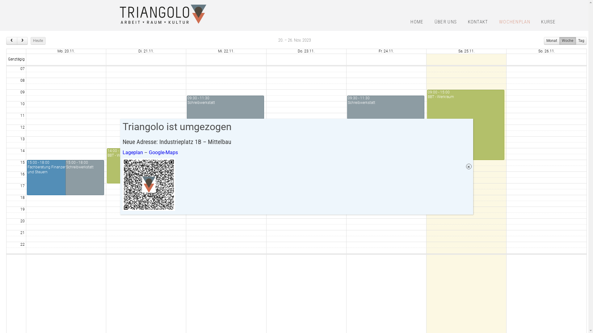  I want to click on '15:00 - 18:00, so click(84, 177).